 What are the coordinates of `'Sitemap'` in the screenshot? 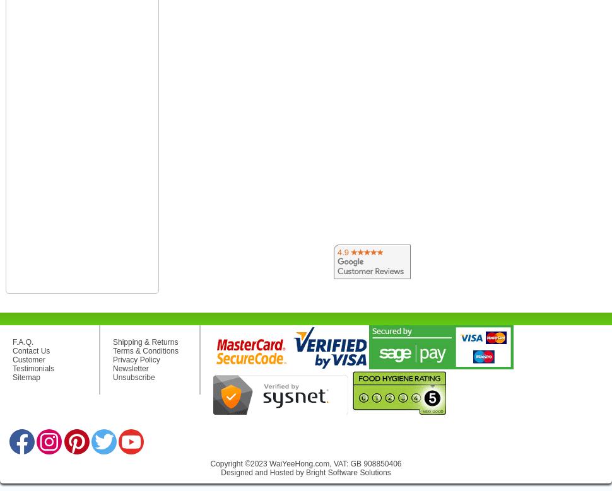 It's located at (12, 376).